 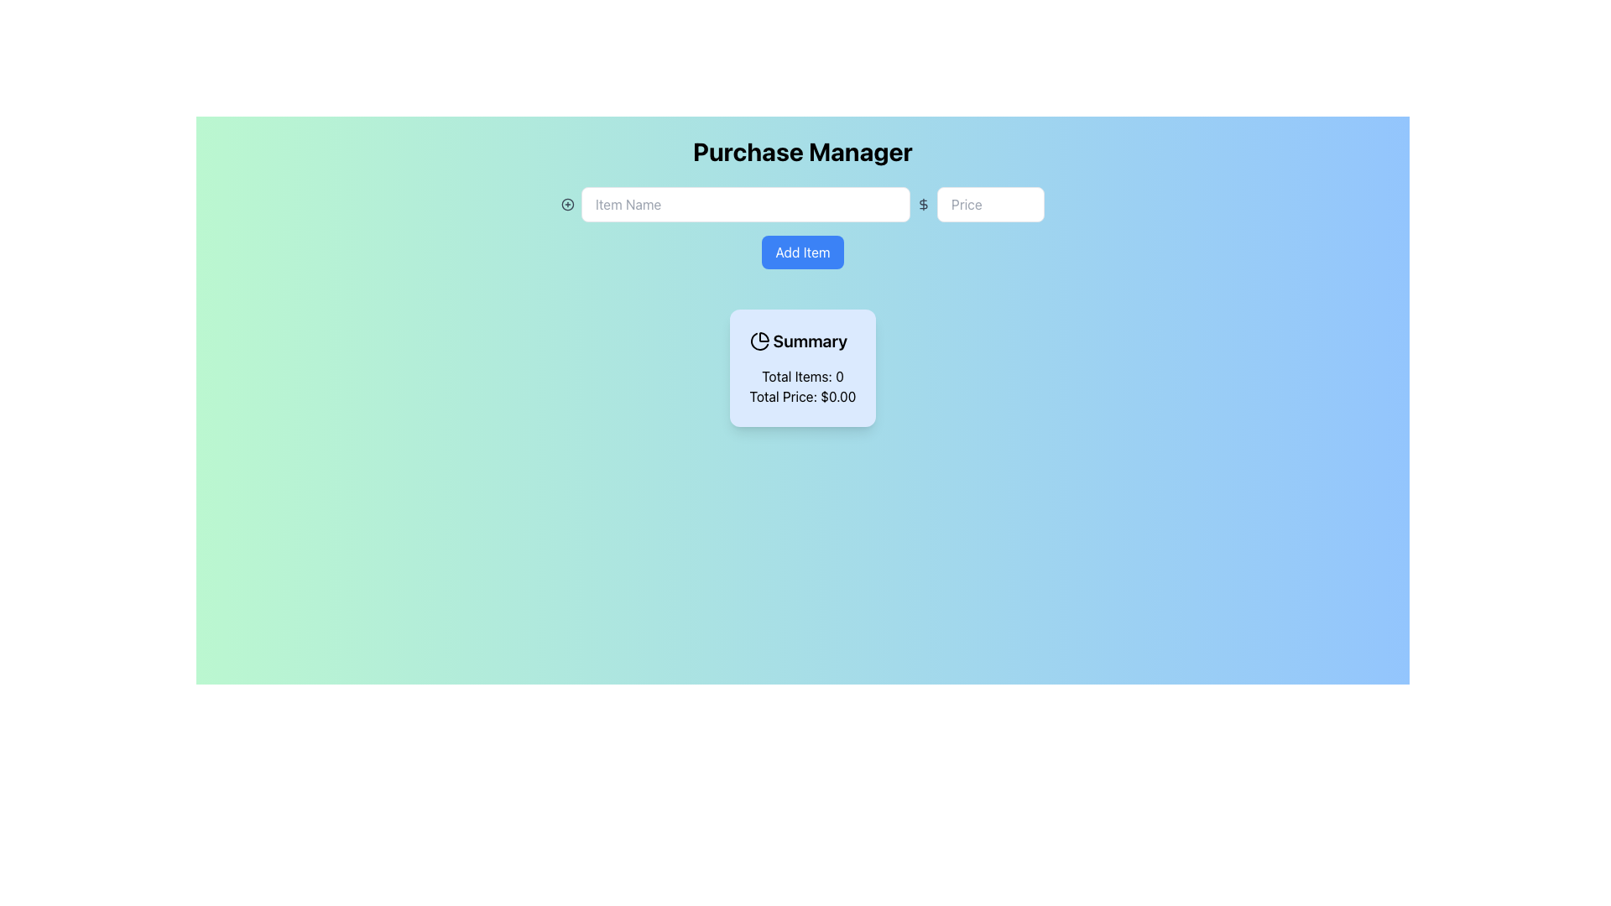 What do you see at coordinates (801, 367) in the screenshot?
I see `the informational panel that displays the total number of items and their total price, located centrally beneath the 'Add Item' button` at bounding box center [801, 367].